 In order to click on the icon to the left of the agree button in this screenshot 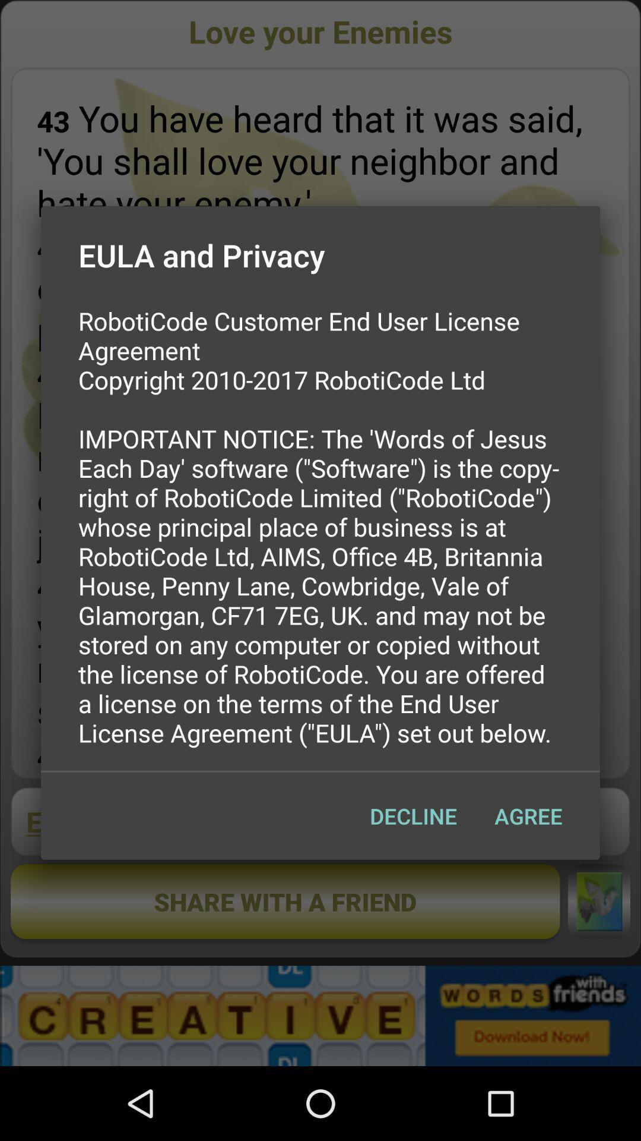, I will do `click(412, 815)`.